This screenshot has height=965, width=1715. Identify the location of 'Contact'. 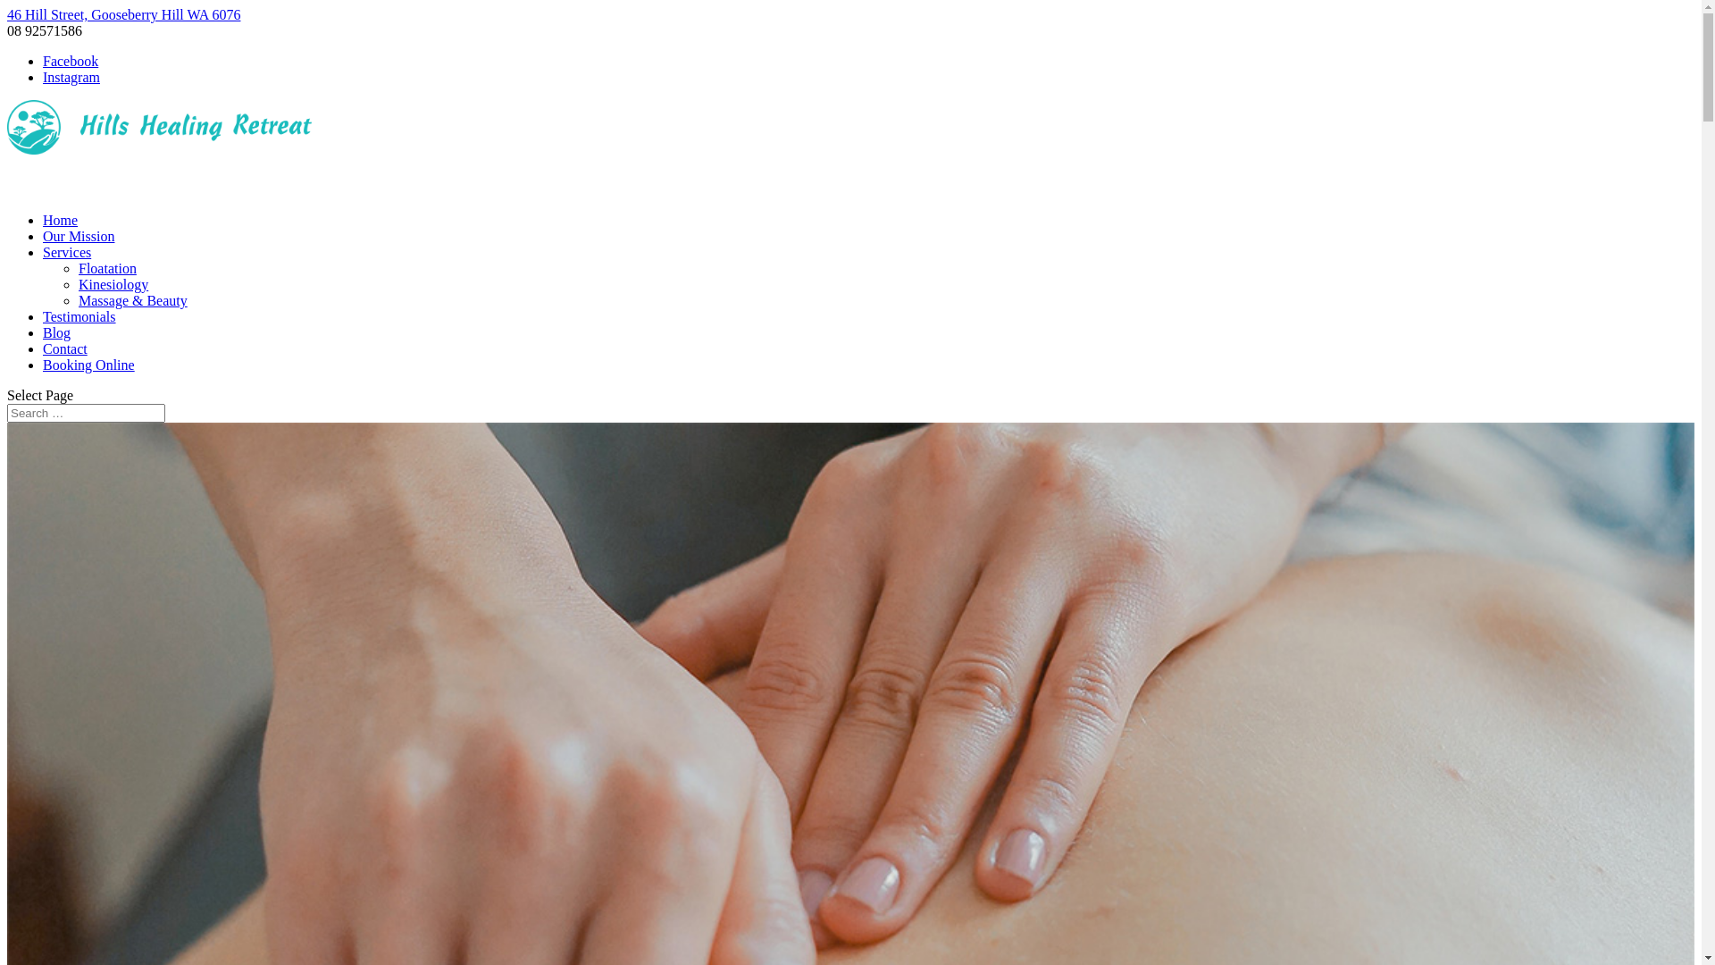
(64, 357).